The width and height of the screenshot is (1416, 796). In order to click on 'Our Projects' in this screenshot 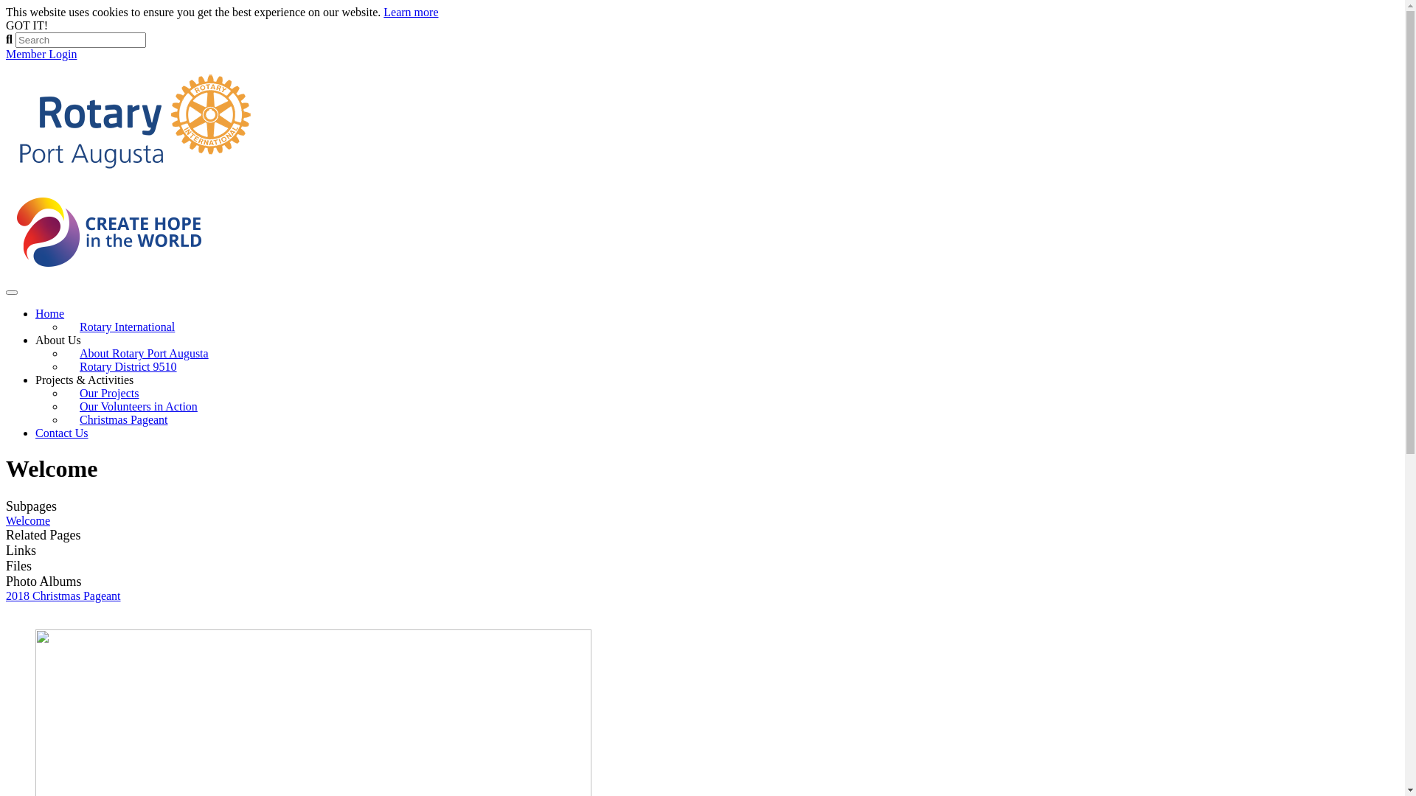, I will do `click(108, 392)`.